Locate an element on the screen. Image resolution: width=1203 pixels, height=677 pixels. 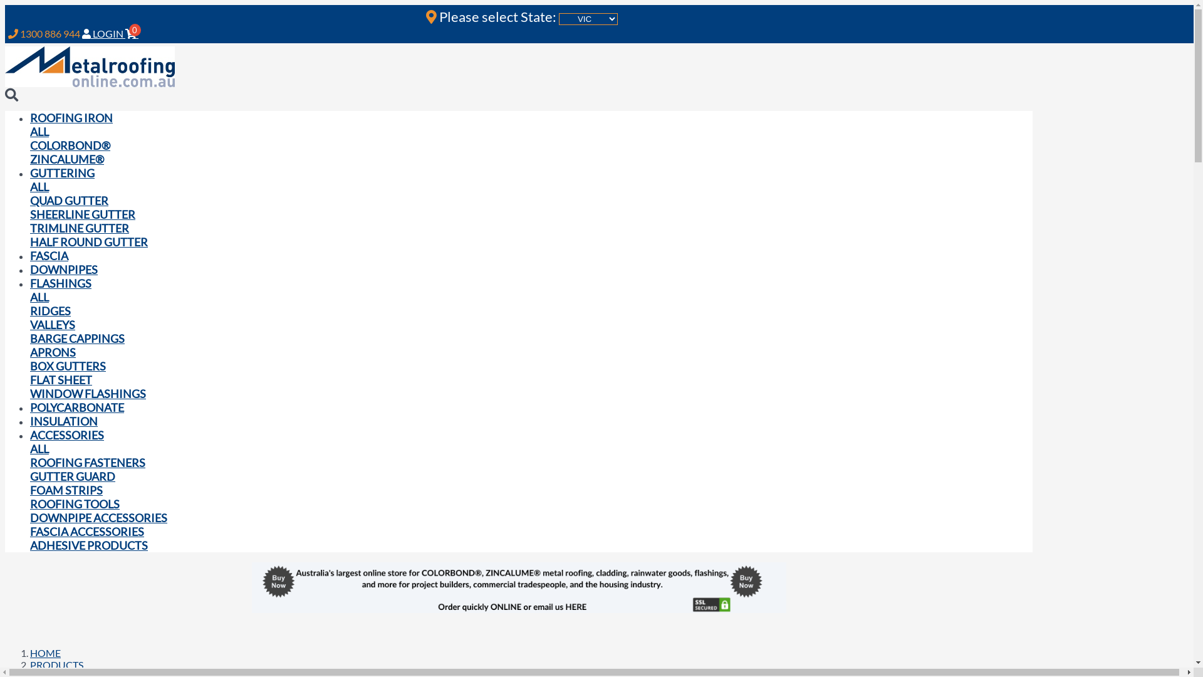
'GUTTER GUARD' is located at coordinates (71, 476).